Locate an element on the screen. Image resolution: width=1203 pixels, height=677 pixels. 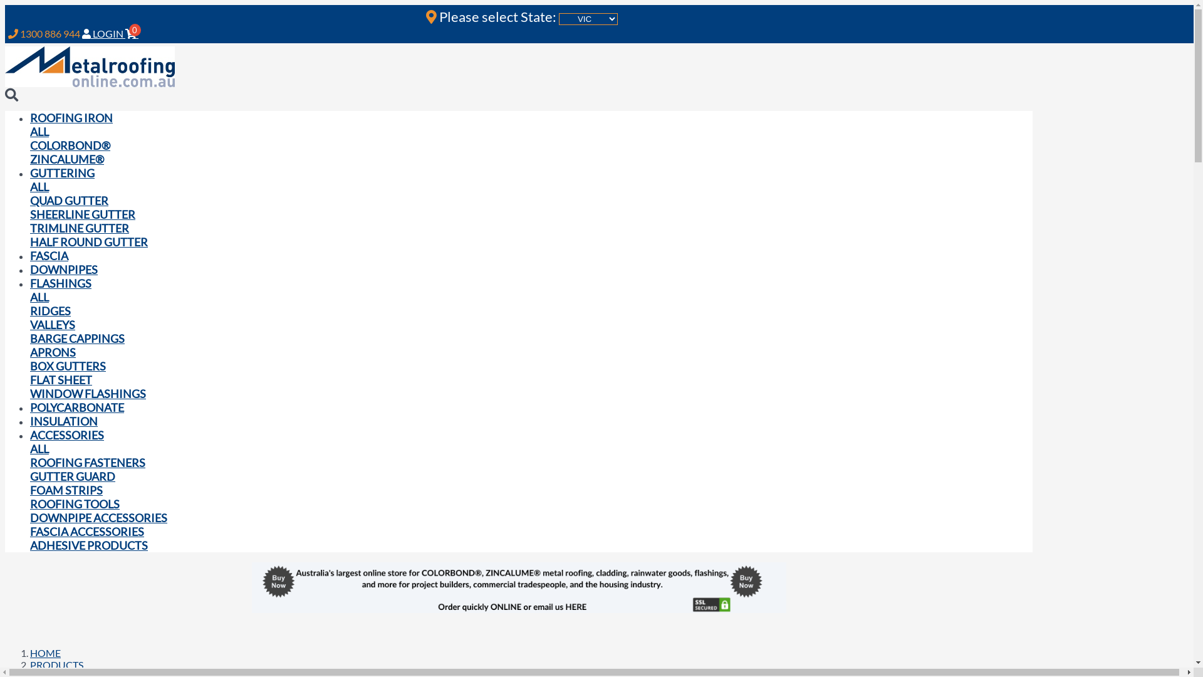
'GUTTER GUARD' is located at coordinates (71, 476).